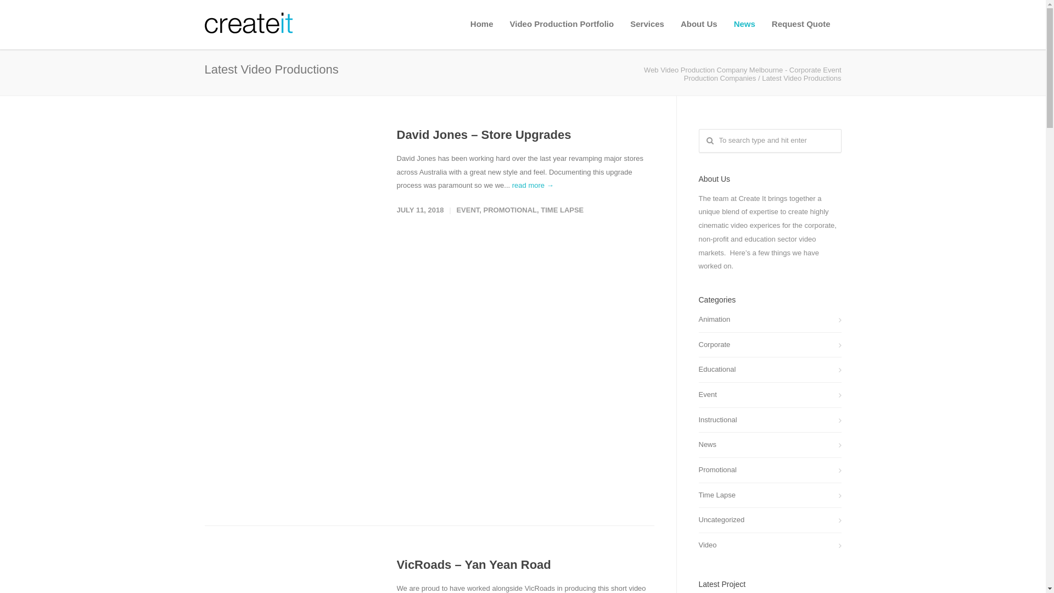  Describe the element at coordinates (204, 308) in the screenshot. I see `'David Jones - West Lakes'` at that location.